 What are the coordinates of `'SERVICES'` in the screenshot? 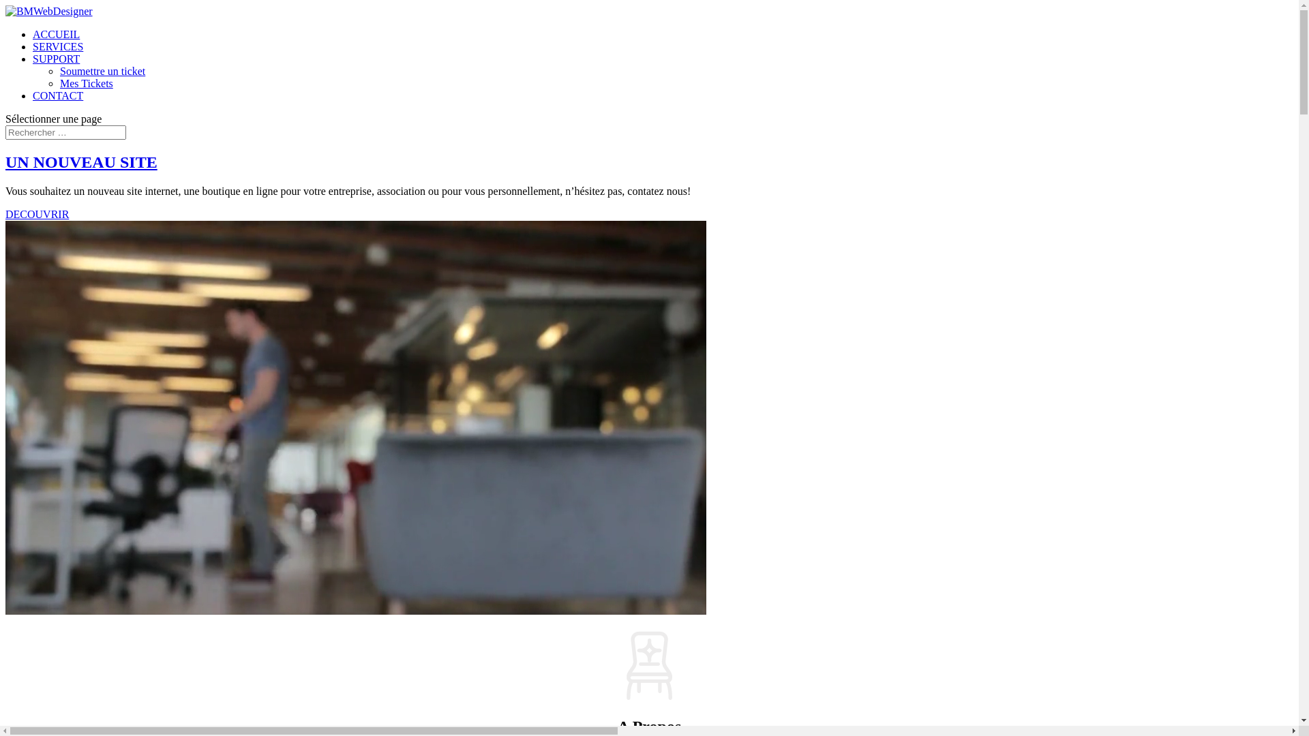 It's located at (57, 46).